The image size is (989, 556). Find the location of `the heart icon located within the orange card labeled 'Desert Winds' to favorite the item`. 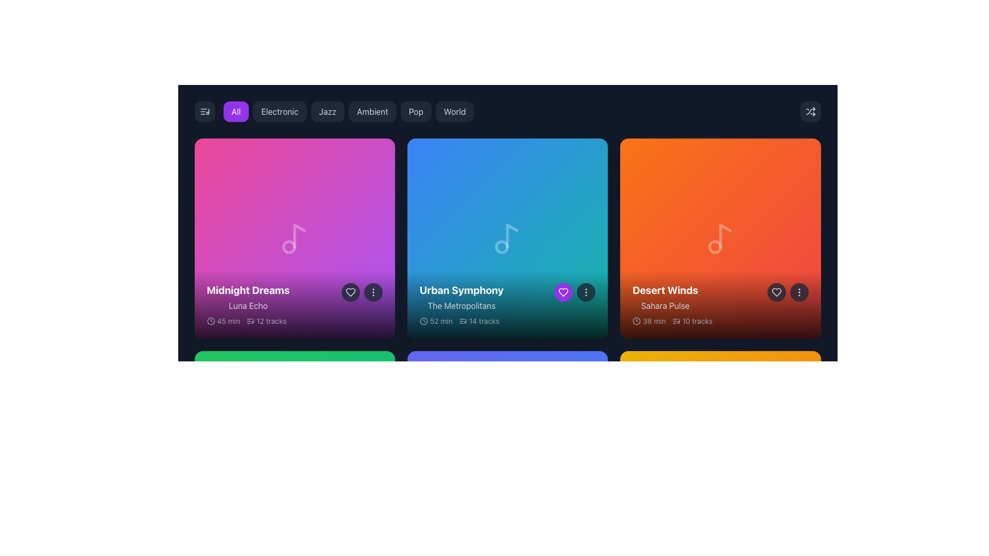

the heart icon located within the orange card labeled 'Desert Winds' to favorite the item is located at coordinates (787, 292).